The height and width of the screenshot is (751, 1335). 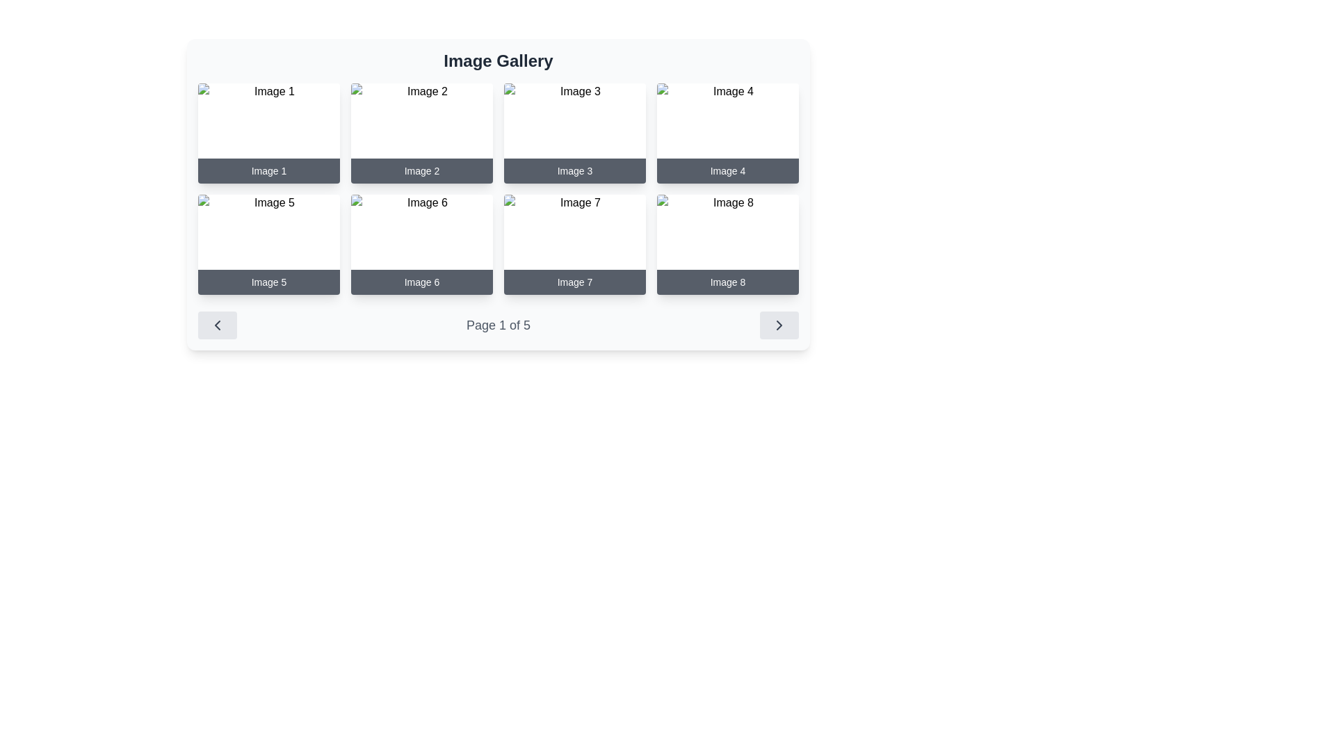 I want to click on the text label located at the bottom of the card labeled 'Image 2', which is a horizontal dark gray bar with white text, positioned in the top row, second from the left in a 2x4 grid layout, so click(x=421, y=170).